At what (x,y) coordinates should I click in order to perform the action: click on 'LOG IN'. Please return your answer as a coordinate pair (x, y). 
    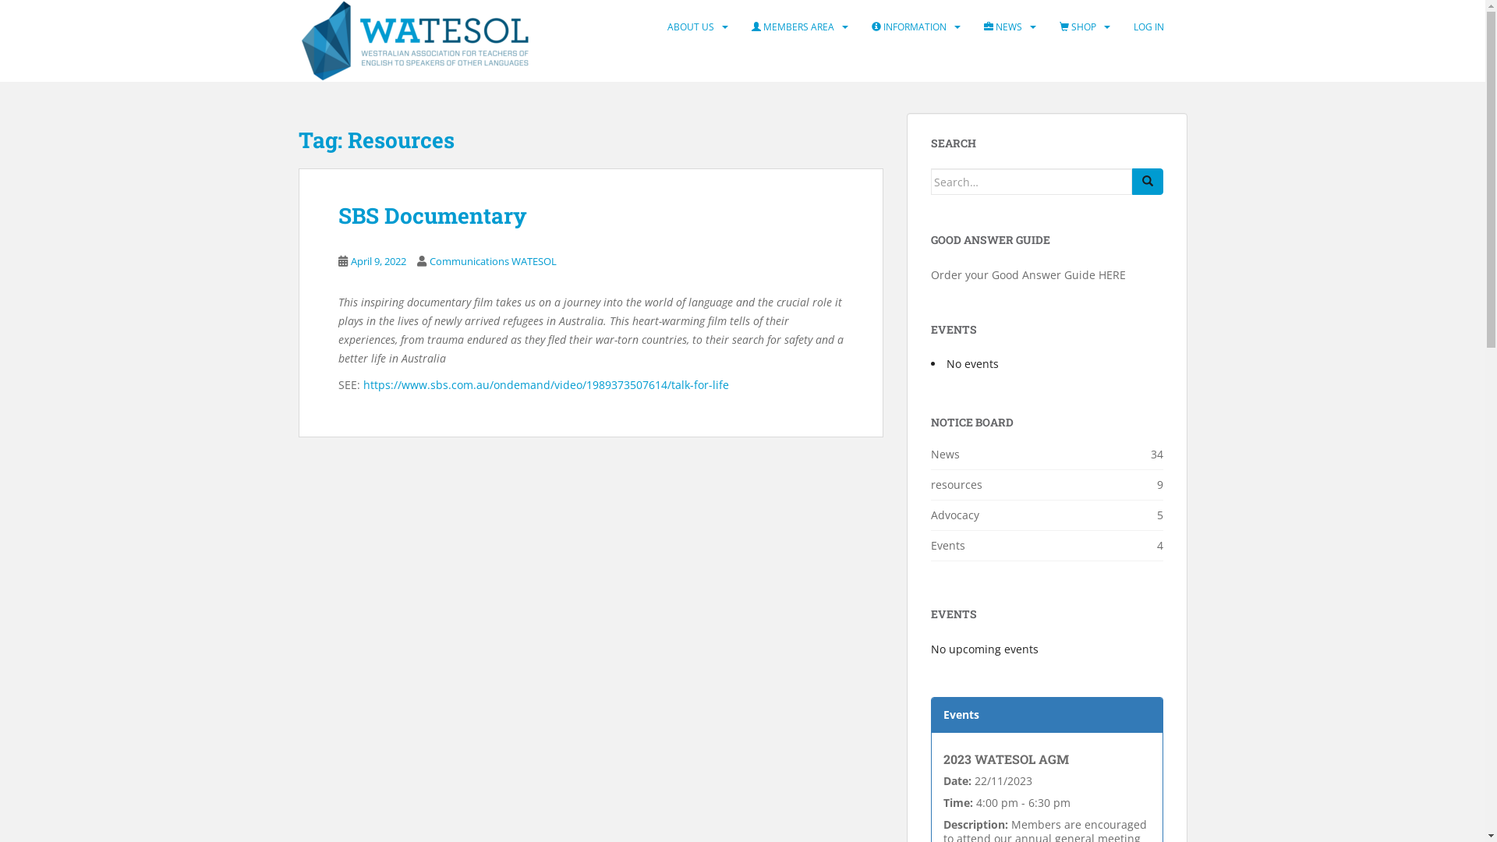
    Looking at the image, I should click on (1148, 27).